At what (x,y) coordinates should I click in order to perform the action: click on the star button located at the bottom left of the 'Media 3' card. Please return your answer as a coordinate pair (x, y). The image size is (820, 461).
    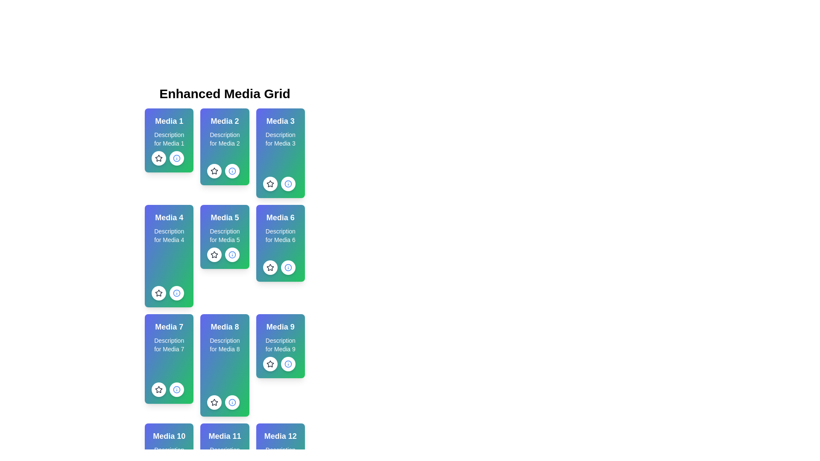
    Looking at the image, I should click on (269, 184).